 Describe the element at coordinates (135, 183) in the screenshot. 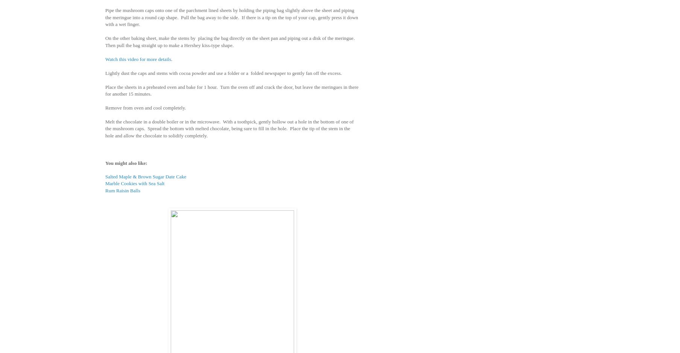

I see `'Marble Cookies with Sea Salt'` at that location.